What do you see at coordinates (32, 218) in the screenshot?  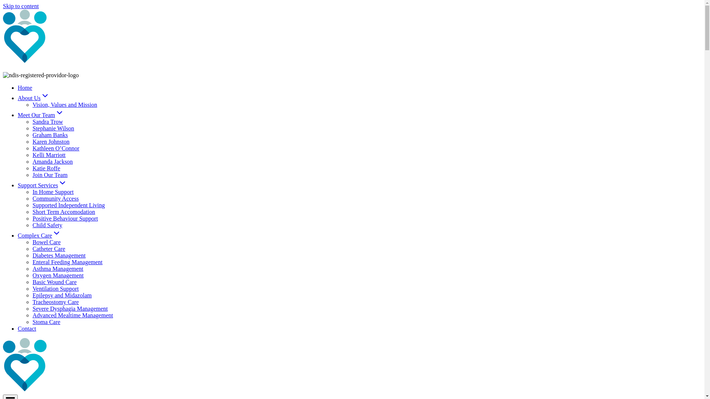 I see `'Positive Behaviour Support'` at bounding box center [32, 218].